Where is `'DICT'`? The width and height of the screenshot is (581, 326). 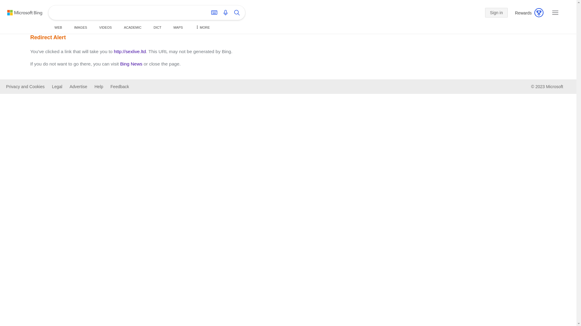
'DICT' is located at coordinates (158, 27).